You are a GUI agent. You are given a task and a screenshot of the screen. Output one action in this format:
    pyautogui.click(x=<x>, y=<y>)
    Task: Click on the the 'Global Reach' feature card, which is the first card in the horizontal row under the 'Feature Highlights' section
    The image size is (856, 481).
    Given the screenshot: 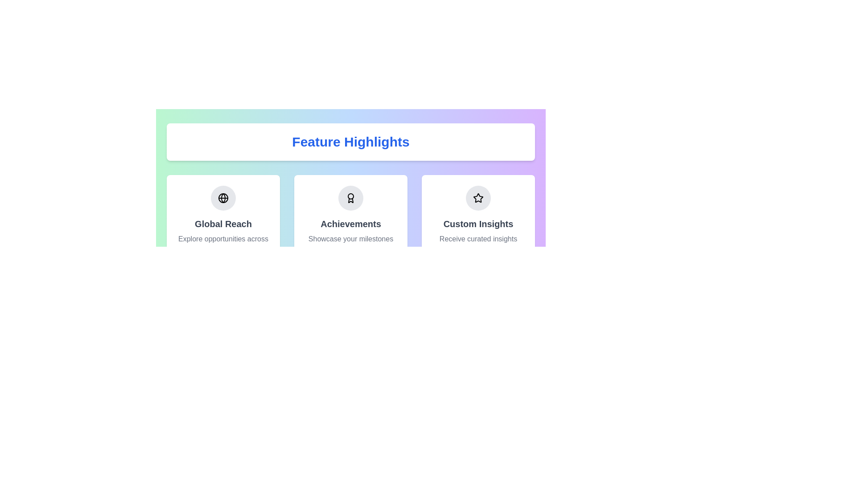 What is the action you would take?
    pyautogui.click(x=223, y=225)
    